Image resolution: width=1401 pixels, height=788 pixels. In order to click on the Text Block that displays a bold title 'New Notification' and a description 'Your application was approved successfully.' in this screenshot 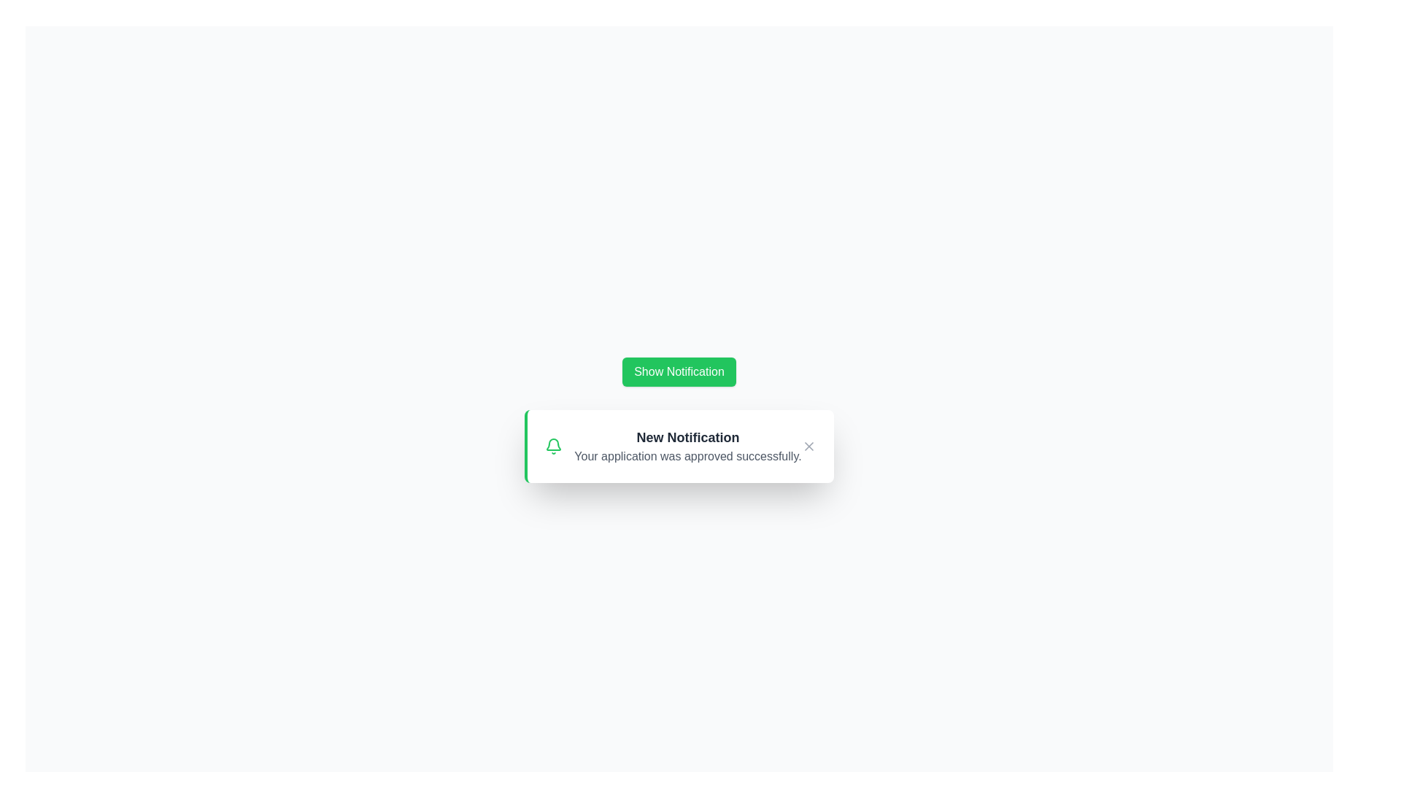, I will do `click(687, 446)`.